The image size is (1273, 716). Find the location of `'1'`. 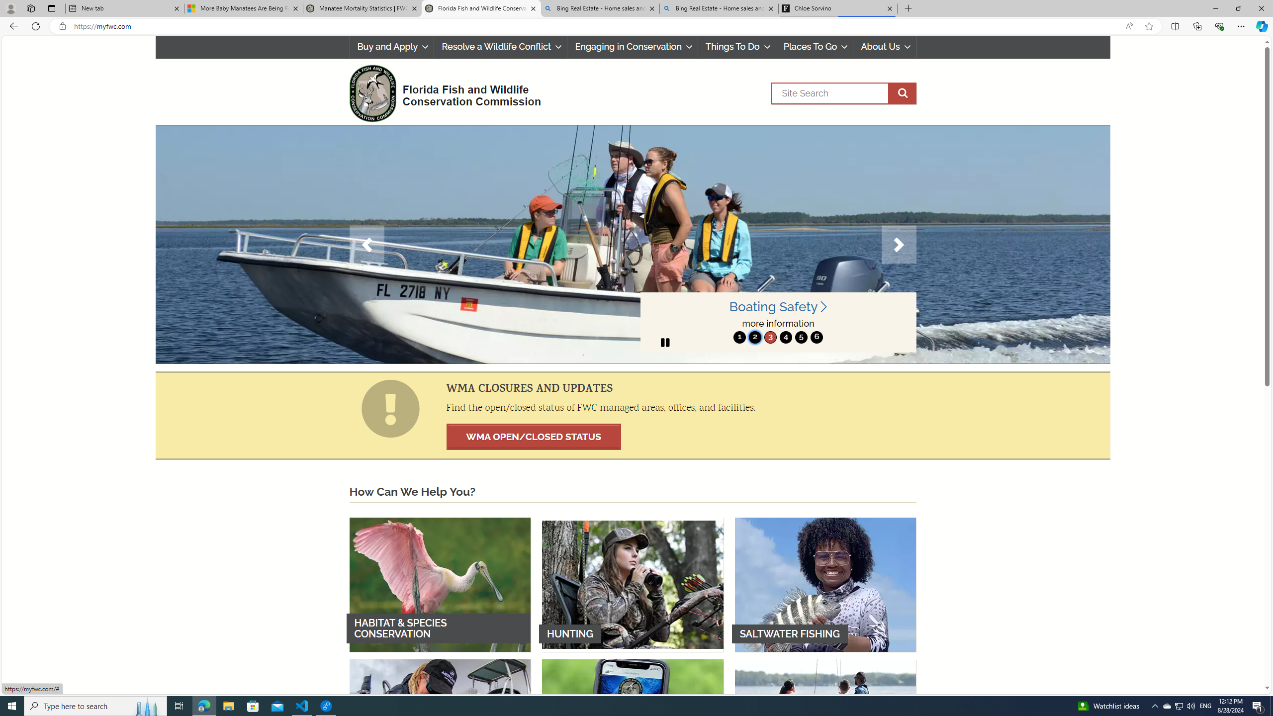

'1' is located at coordinates (739, 337).